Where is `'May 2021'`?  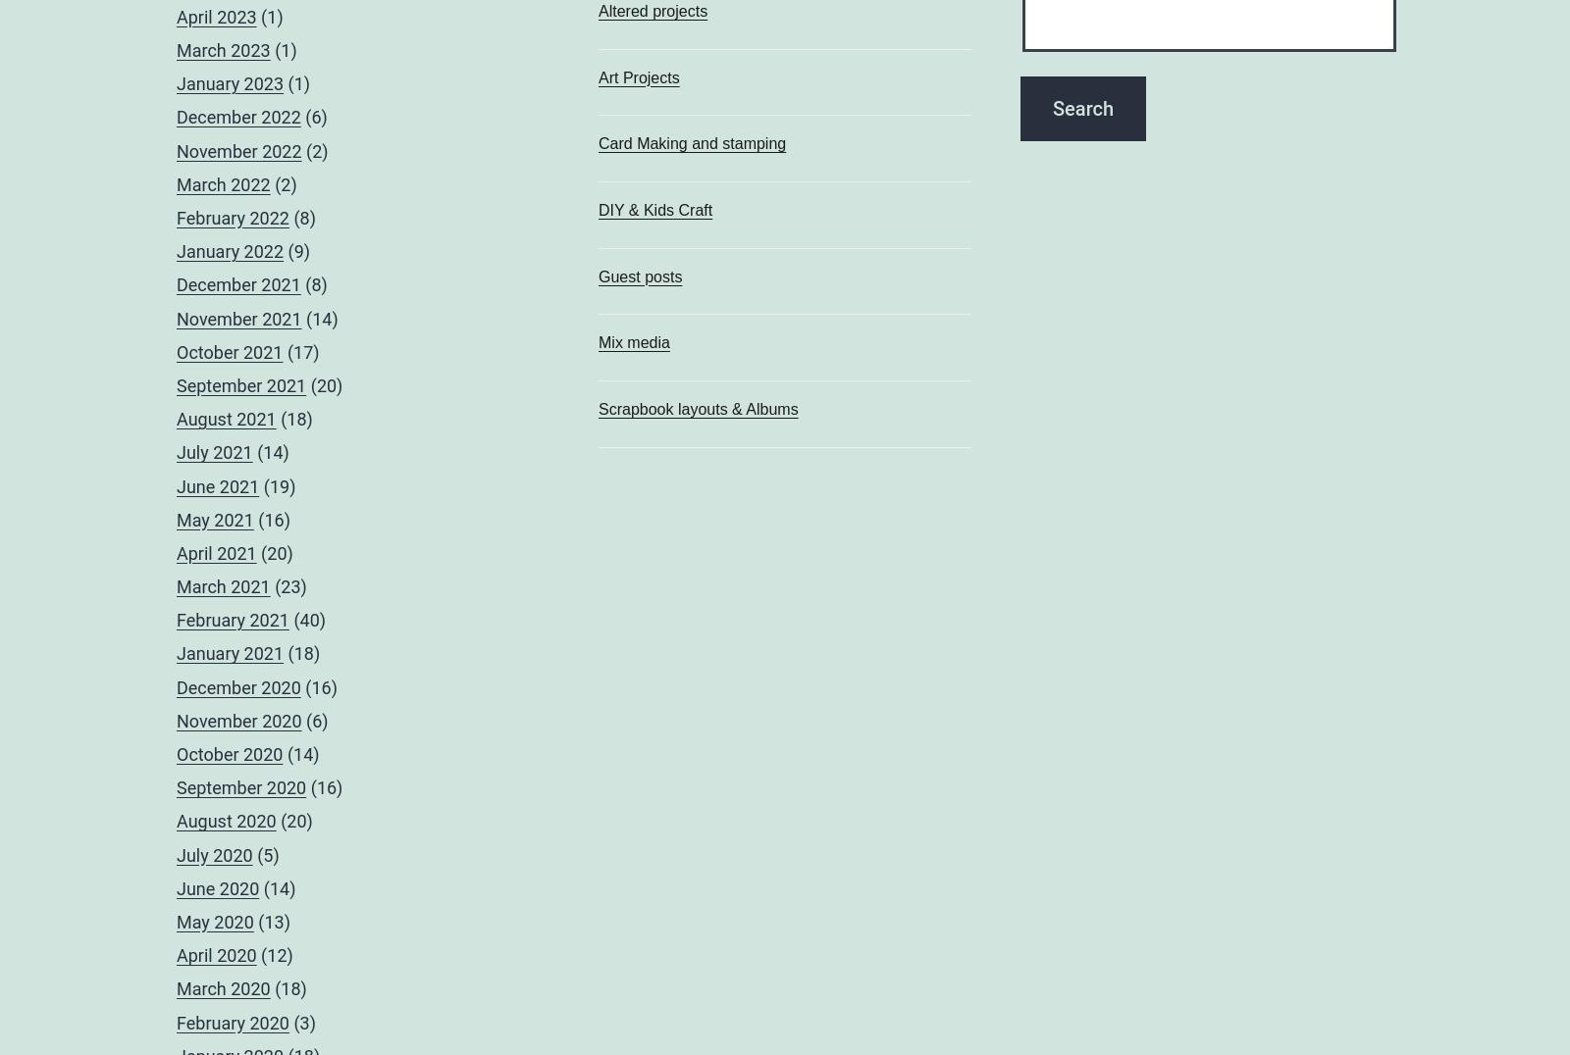 'May 2021' is located at coordinates (215, 519).